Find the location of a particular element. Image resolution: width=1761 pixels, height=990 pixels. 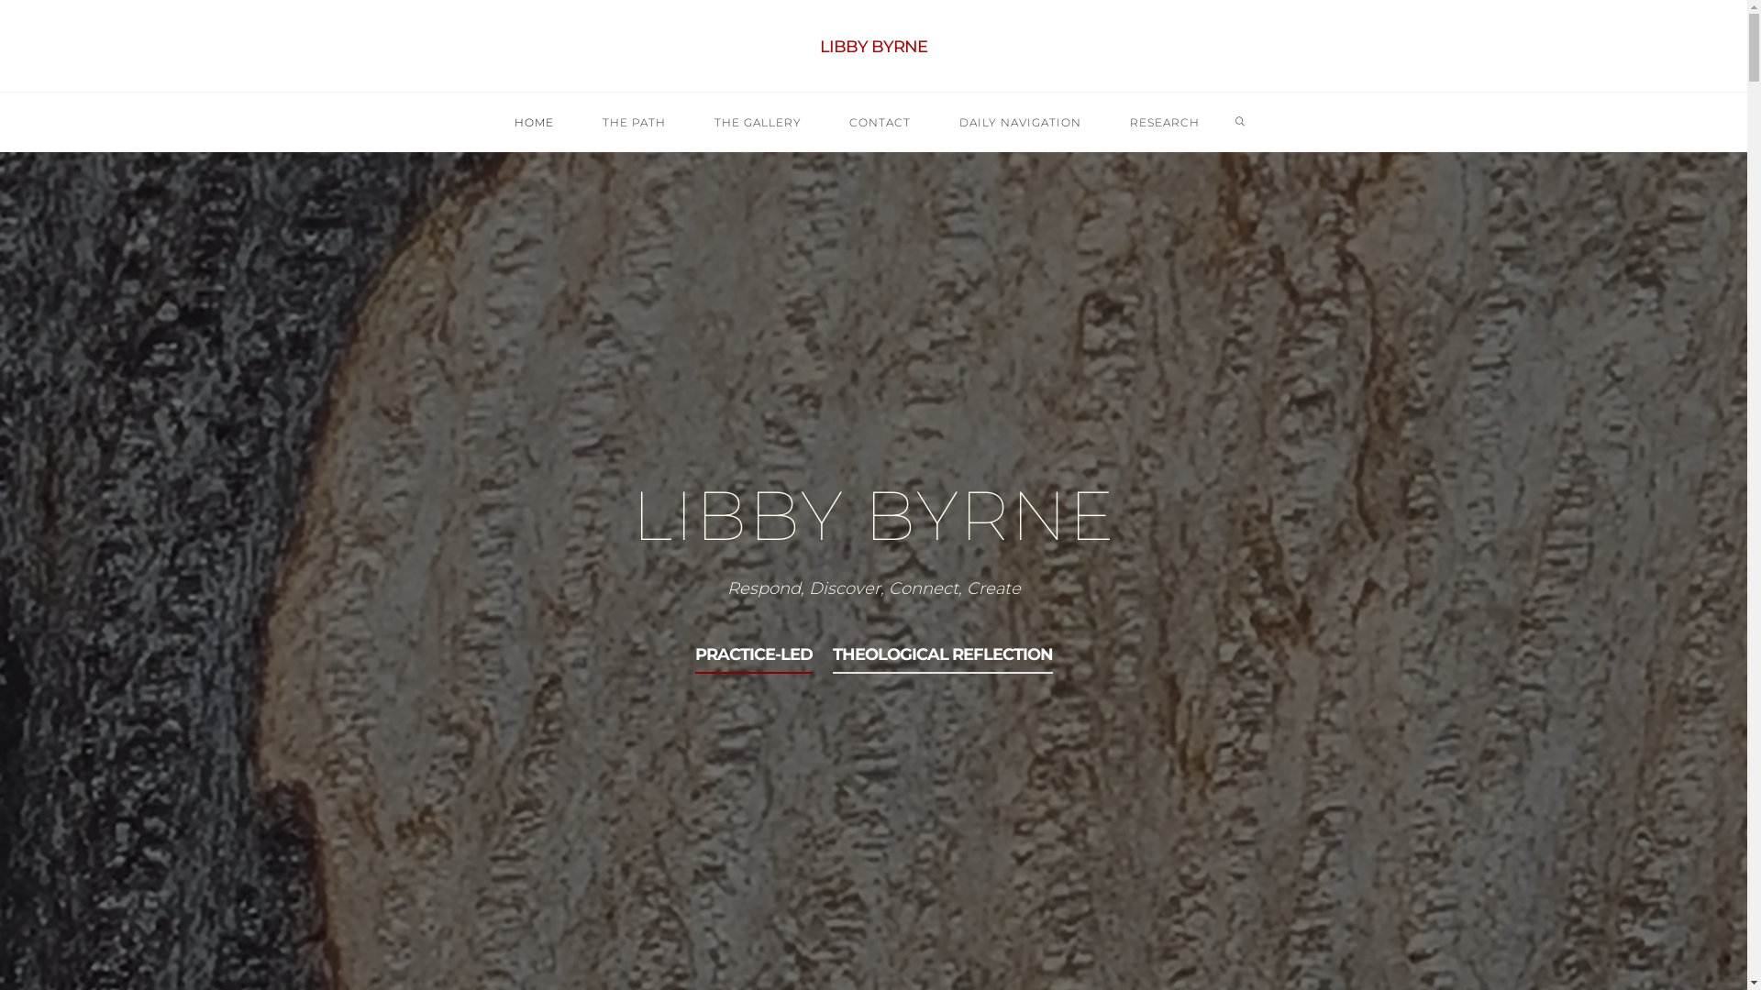

'DAILY NAVIGATION' is located at coordinates (1020, 122).